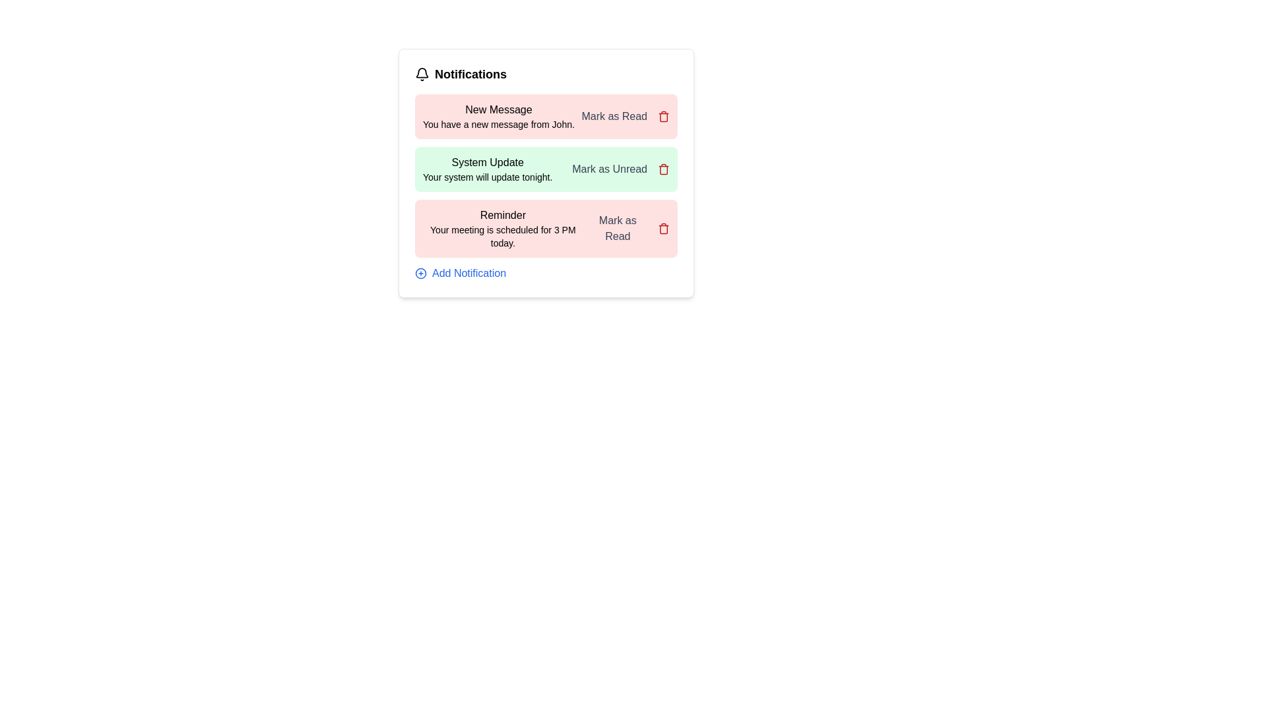 The image size is (1267, 712). What do you see at coordinates (460, 273) in the screenshot?
I see `the 'Add Notification' button` at bounding box center [460, 273].